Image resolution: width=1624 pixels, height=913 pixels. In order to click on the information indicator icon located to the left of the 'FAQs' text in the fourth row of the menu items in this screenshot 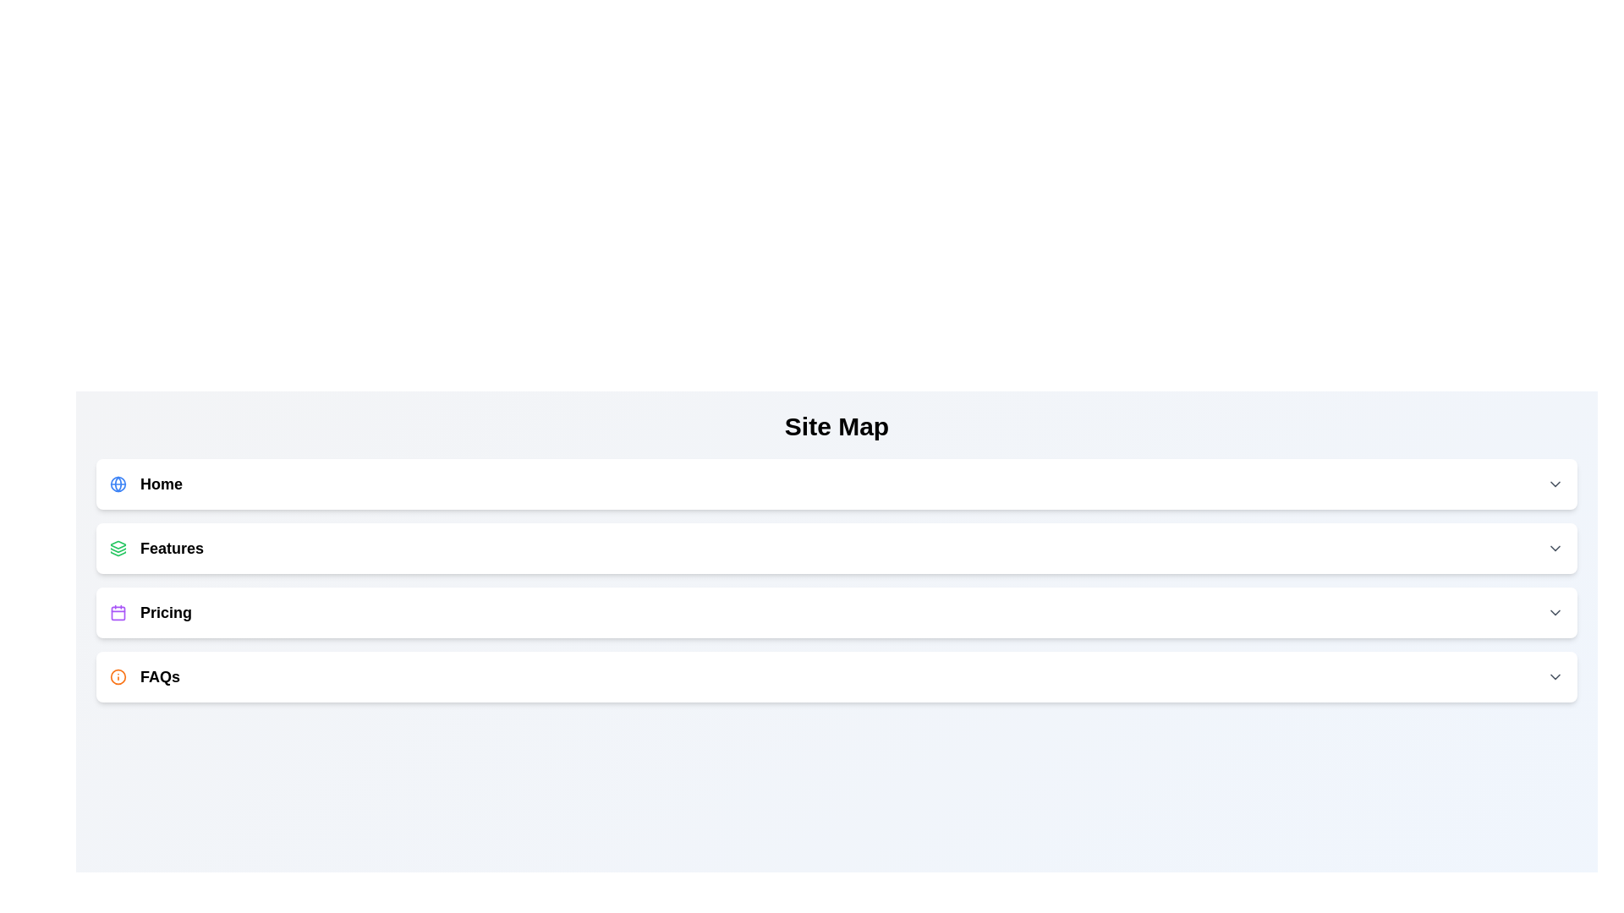, I will do `click(117, 676)`.